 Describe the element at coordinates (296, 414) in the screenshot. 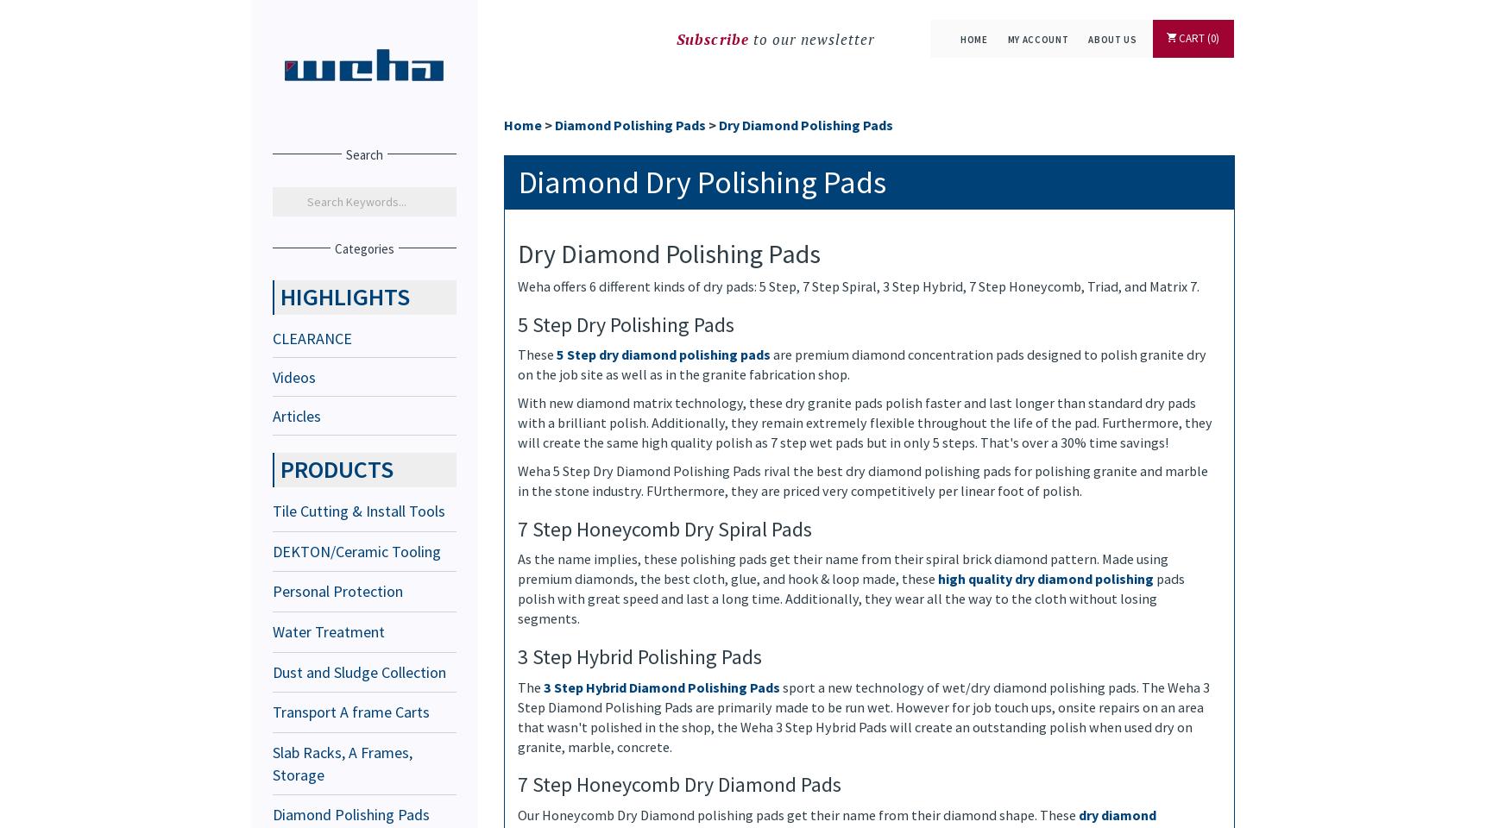

I see `'Articles'` at that location.